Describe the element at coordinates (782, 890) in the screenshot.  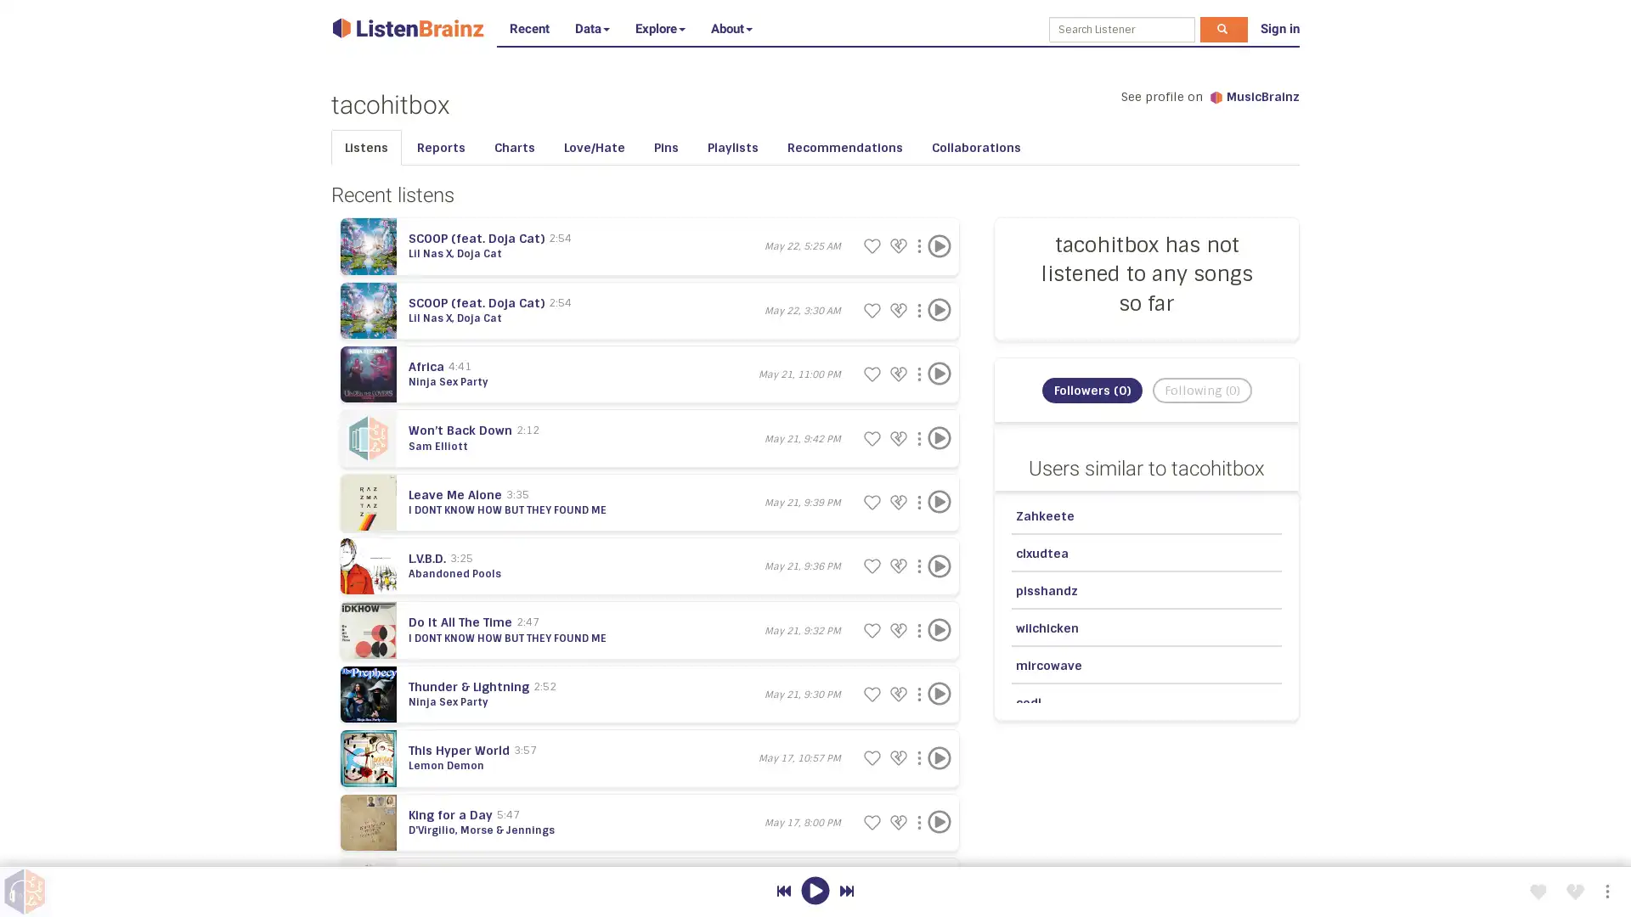
I see `Previous` at that location.